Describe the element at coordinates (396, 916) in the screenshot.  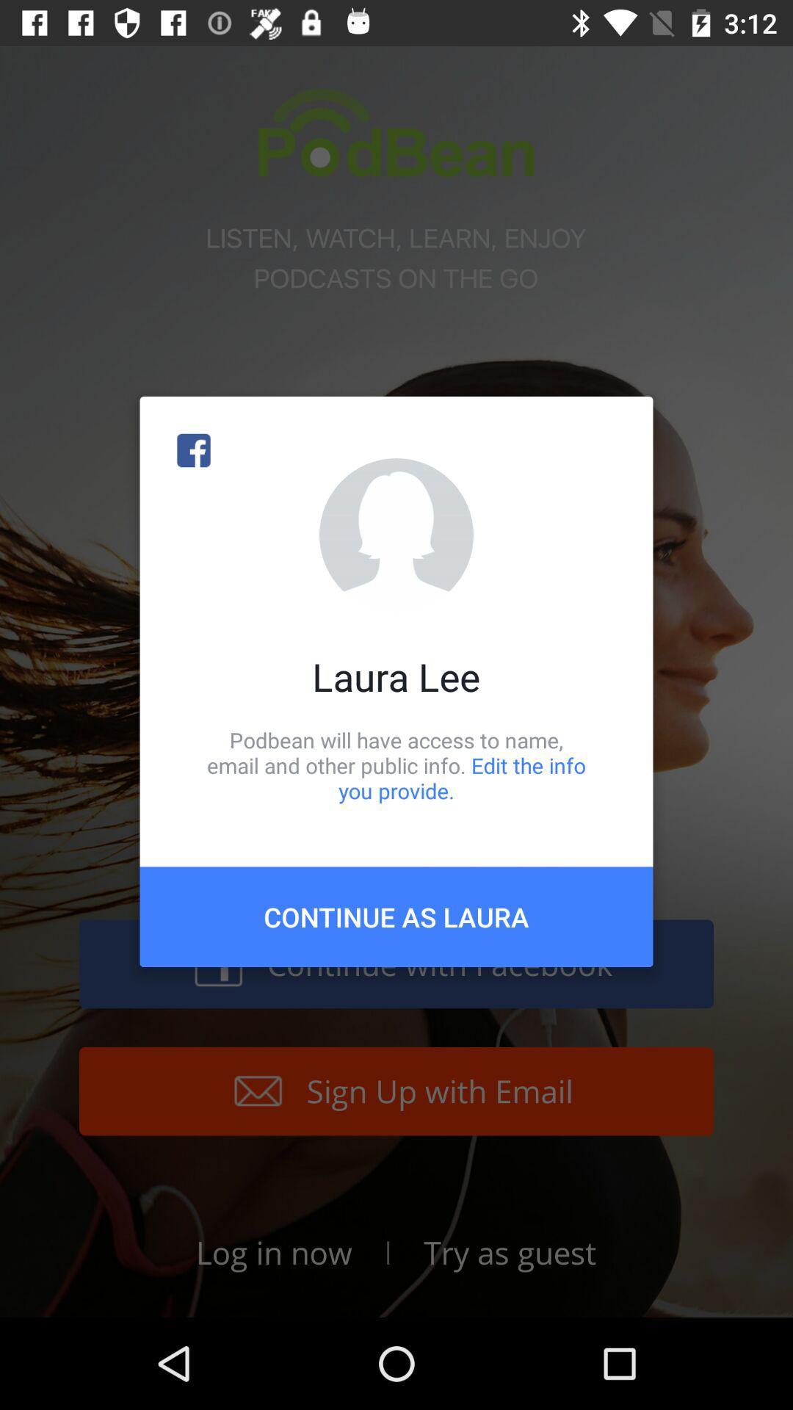
I see `the continue as laura` at that location.